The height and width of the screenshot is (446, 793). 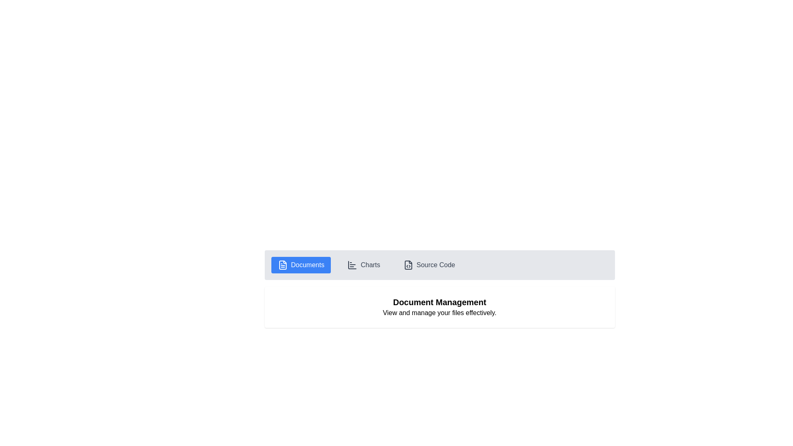 What do you see at coordinates (370, 265) in the screenshot?
I see `the 'Charts' text label in the navigation section` at bounding box center [370, 265].